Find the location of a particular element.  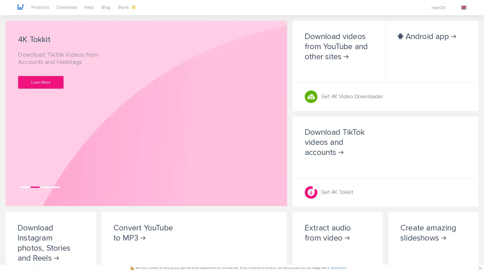

1 is located at coordinates (25, 187).